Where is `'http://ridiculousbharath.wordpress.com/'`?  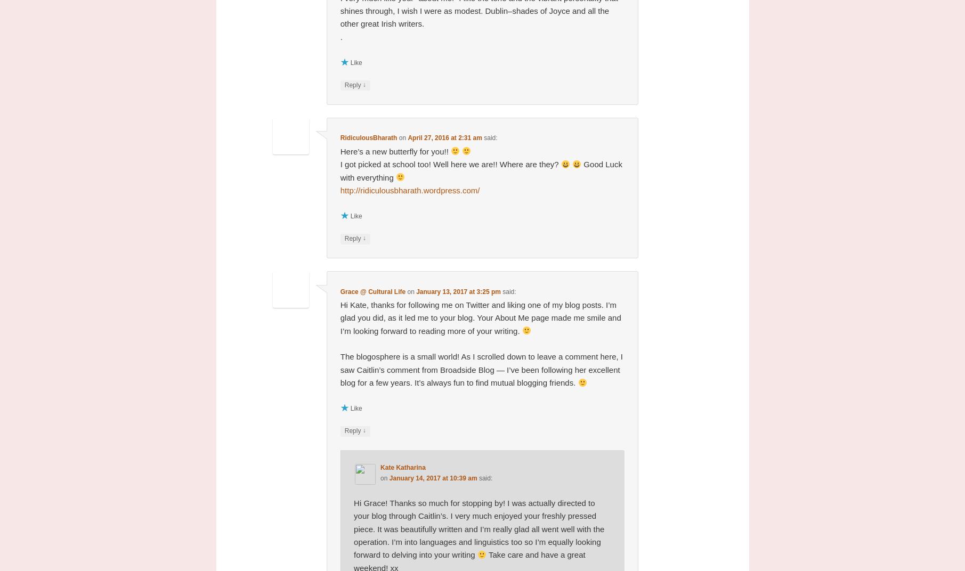
'http://ridiculousbharath.wordpress.com/' is located at coordinates (409, 190).